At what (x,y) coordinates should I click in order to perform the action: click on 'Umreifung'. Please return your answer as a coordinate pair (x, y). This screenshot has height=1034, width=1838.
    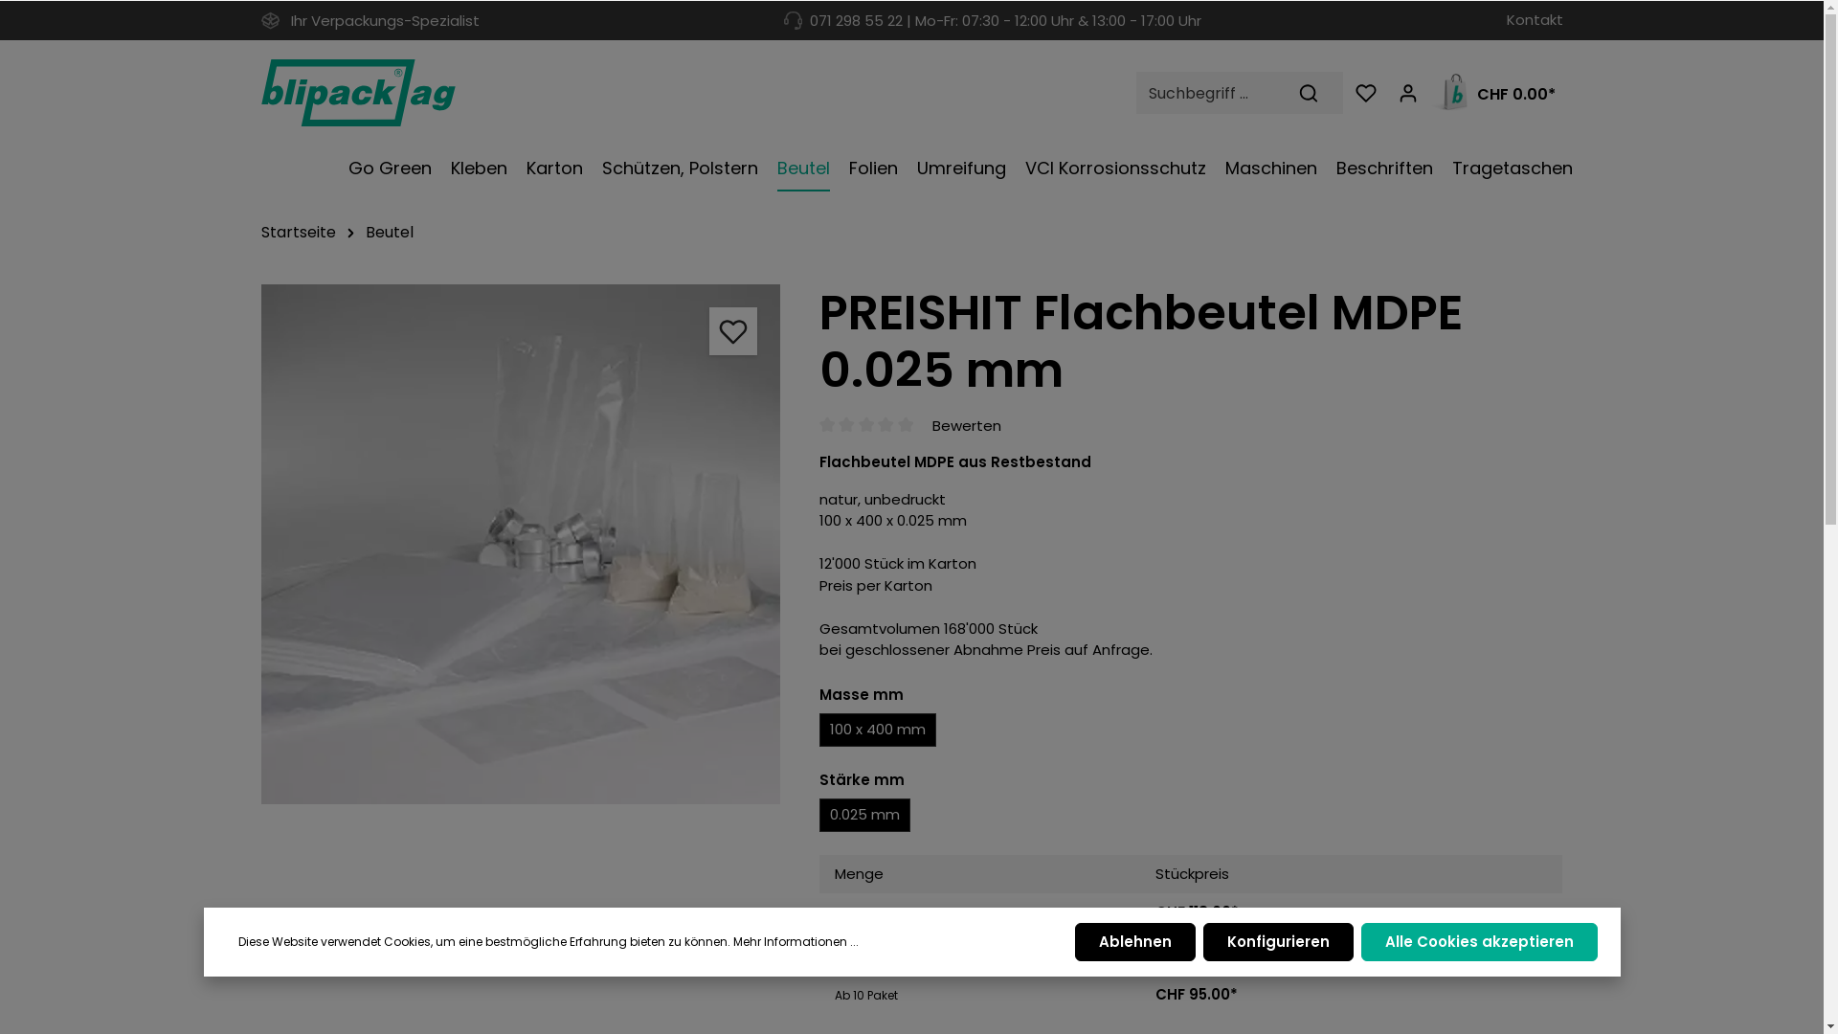
    Looking at the image, I should click on (961, 168).